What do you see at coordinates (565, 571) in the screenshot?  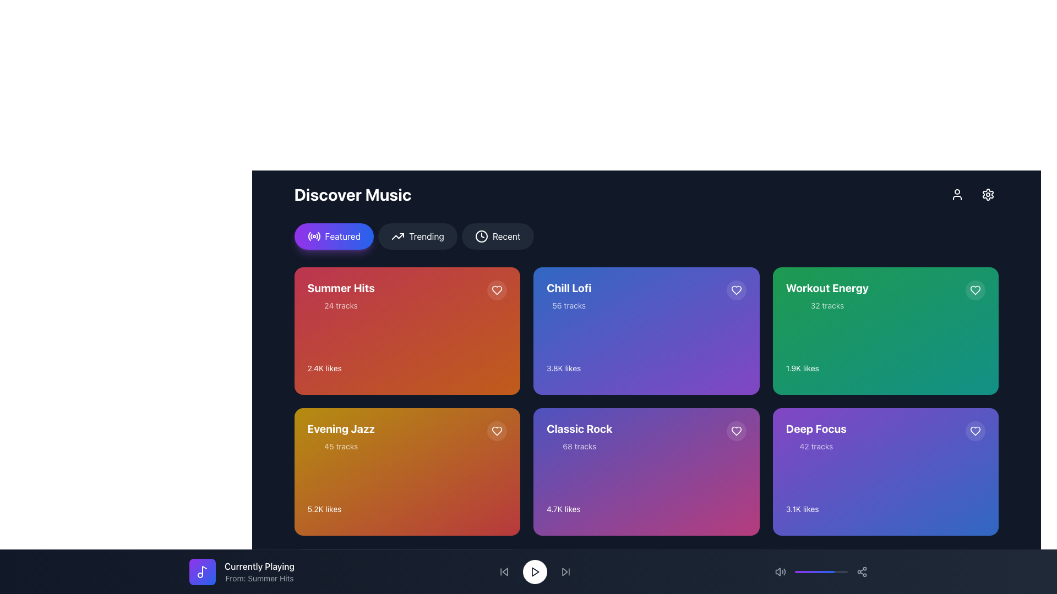 I see `the skip-forward button, which is represented by a gray forward-play icon located in the bottom-right area of the control panel` at bounding box center [565, 571].